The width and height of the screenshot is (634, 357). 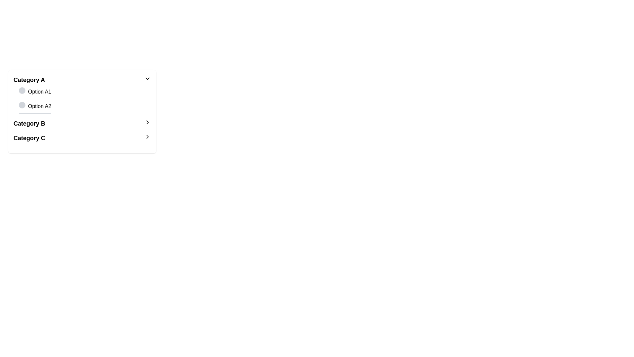 What do you see at coordinates (22, 90) in the screenshot?
I see `the indicator associated with the 'Option A1' label in the expanded 'Category A' dropdown menu as a reference for the corresponding textual option` at bounding box center [22, 90].